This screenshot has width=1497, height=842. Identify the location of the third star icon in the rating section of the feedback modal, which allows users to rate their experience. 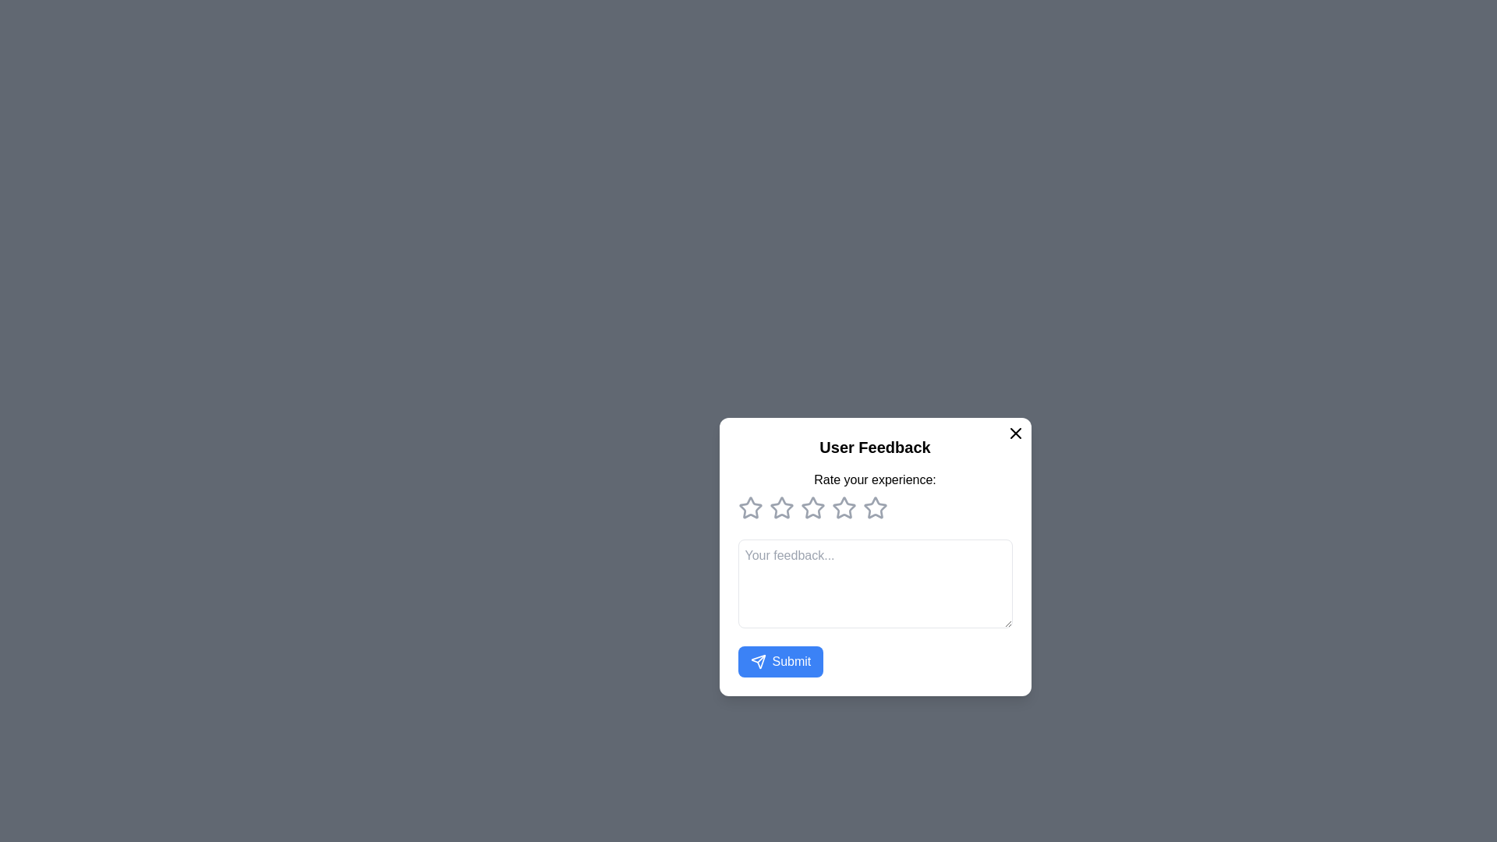
(843, 507).